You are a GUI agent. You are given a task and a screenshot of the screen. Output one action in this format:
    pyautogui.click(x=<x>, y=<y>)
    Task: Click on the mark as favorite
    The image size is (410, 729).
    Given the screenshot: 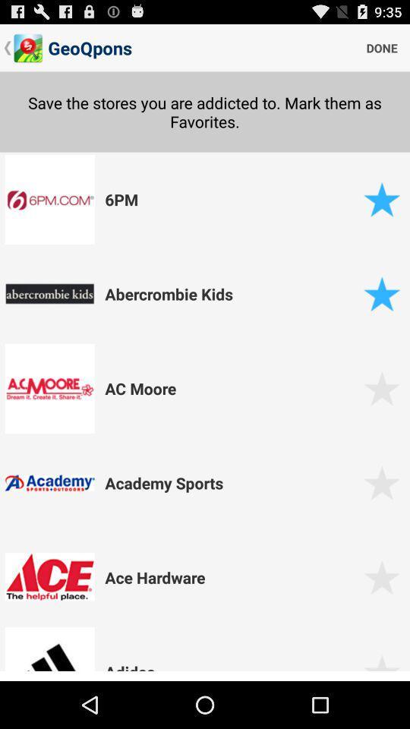 What is the action you would take?
    pyautogui.click(x=381, y=482)
    